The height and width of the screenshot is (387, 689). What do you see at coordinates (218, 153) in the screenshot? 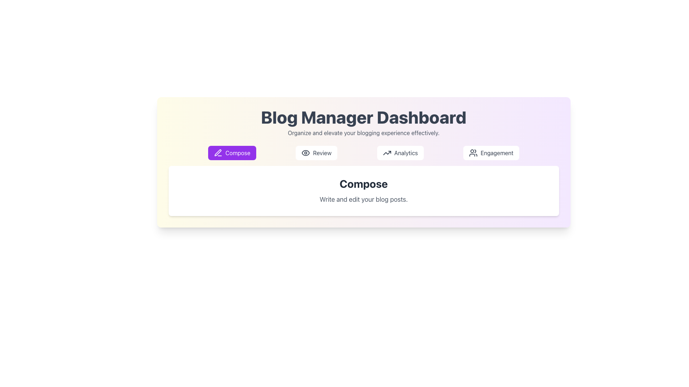
I see `the 'Compose' icon located in the leftmost button of the button group below the 'Blog Manager Dashboard' heading for accessibility support` at bounding box center [218, 153].